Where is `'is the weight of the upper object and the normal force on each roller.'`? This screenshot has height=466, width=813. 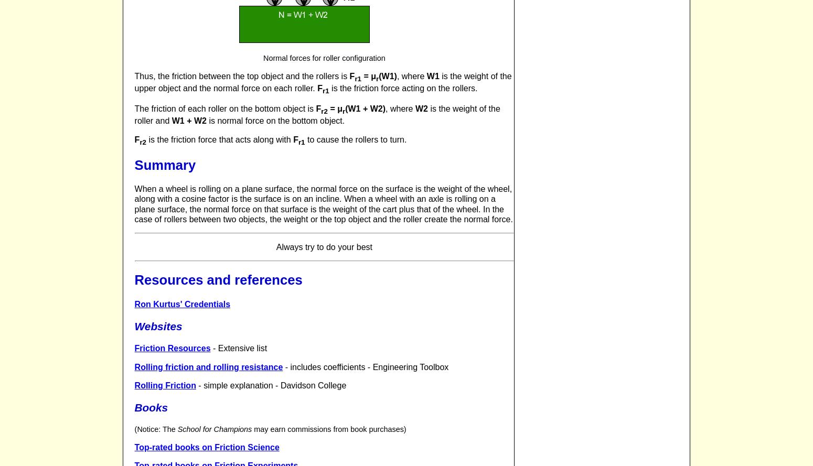
'is the weight of the upper object and the normal force on each roller.' is located at coordinates (134, 82).